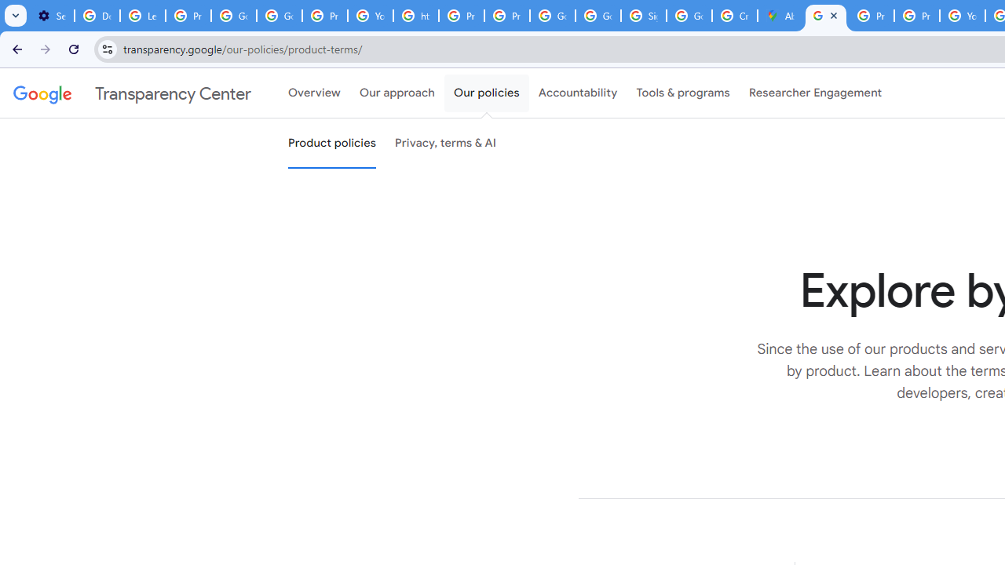 Image resolution: width=1005 pixels, height=565 pixels. I want to click on 'Create your Google Account', so click(734, 16).